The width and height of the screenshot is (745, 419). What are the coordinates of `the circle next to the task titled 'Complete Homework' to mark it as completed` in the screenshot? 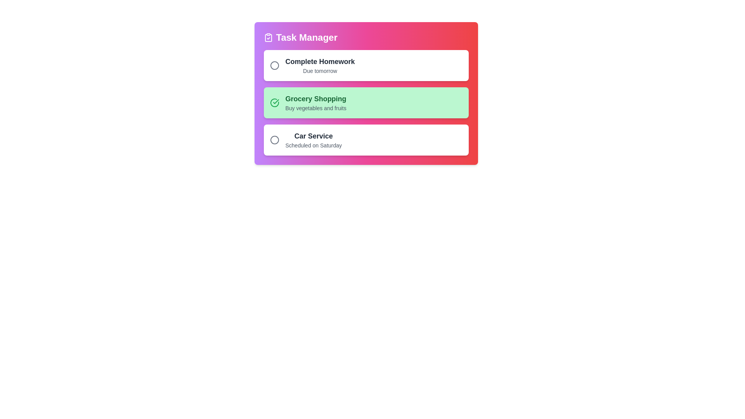 It's located at (274, 65).